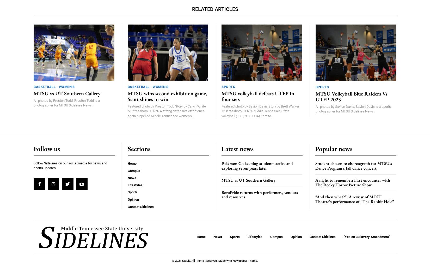 Image resolution: width=430 pixels, height=268 pixels. Describe the element at coordinates (353, 165) in the screenshot. I see `'Student chosen to choreograph for MTSU’s Dance Program’s fall dance concert'` at that location.